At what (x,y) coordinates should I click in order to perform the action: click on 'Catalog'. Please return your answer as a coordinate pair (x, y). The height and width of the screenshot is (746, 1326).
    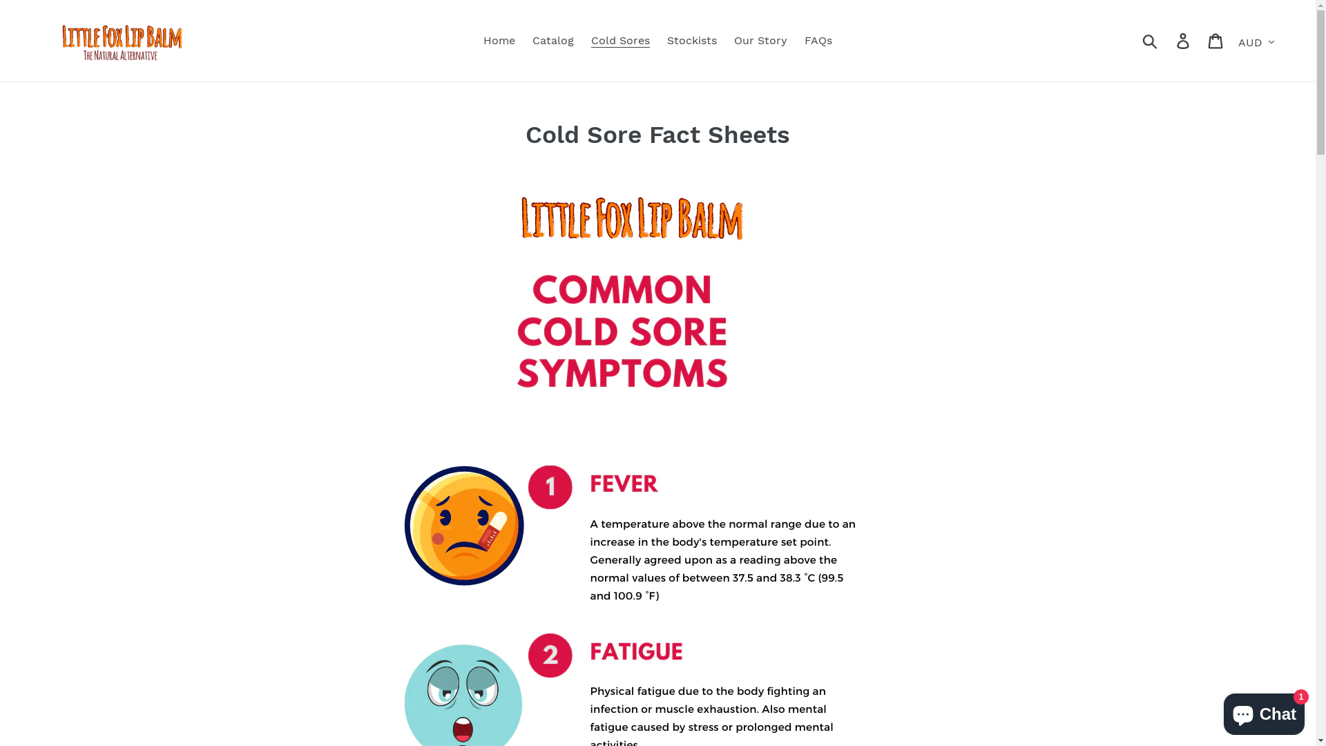
    Looking at the image, I should click on (553, 39).